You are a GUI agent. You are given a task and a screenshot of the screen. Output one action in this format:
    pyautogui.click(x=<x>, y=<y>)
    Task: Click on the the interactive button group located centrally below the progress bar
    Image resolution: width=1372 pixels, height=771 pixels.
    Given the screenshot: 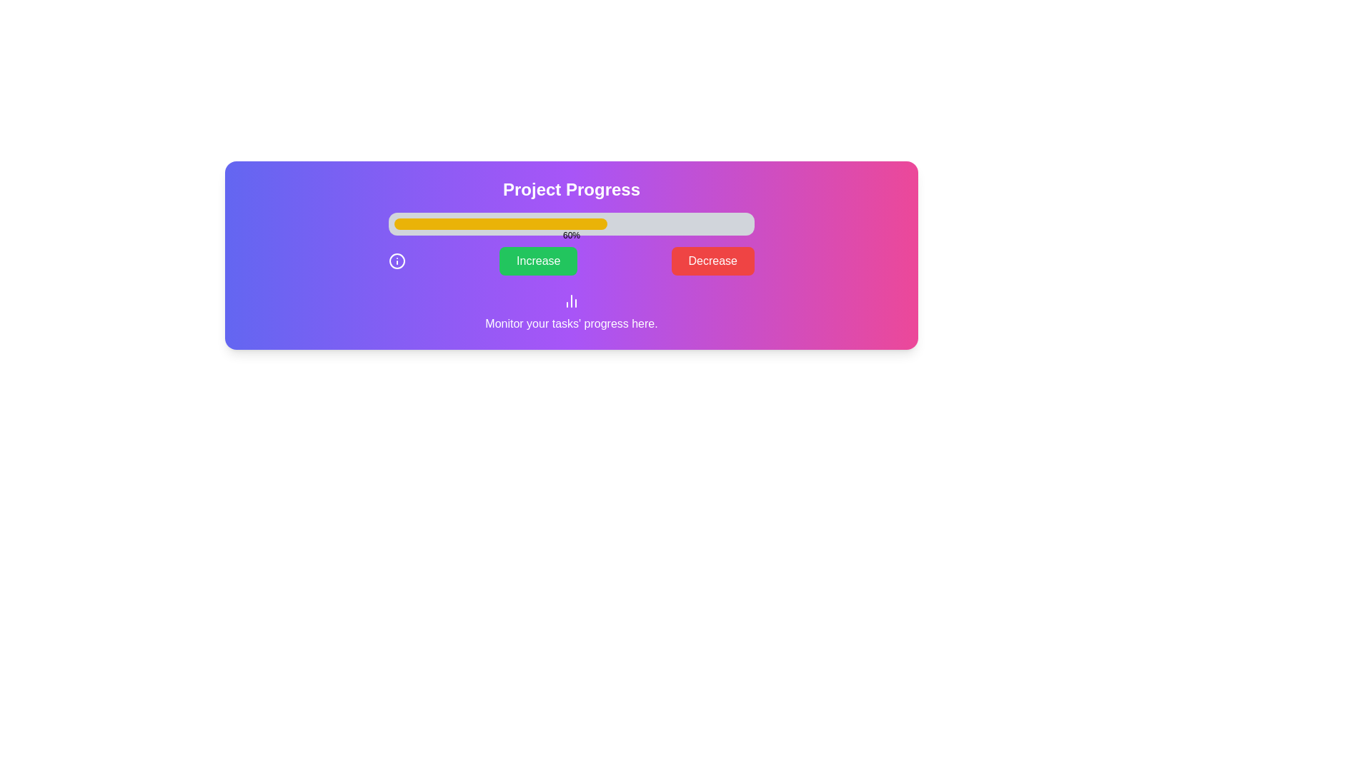 What is the action you would take?
    pyautogui.click(x=572, y=261)
    